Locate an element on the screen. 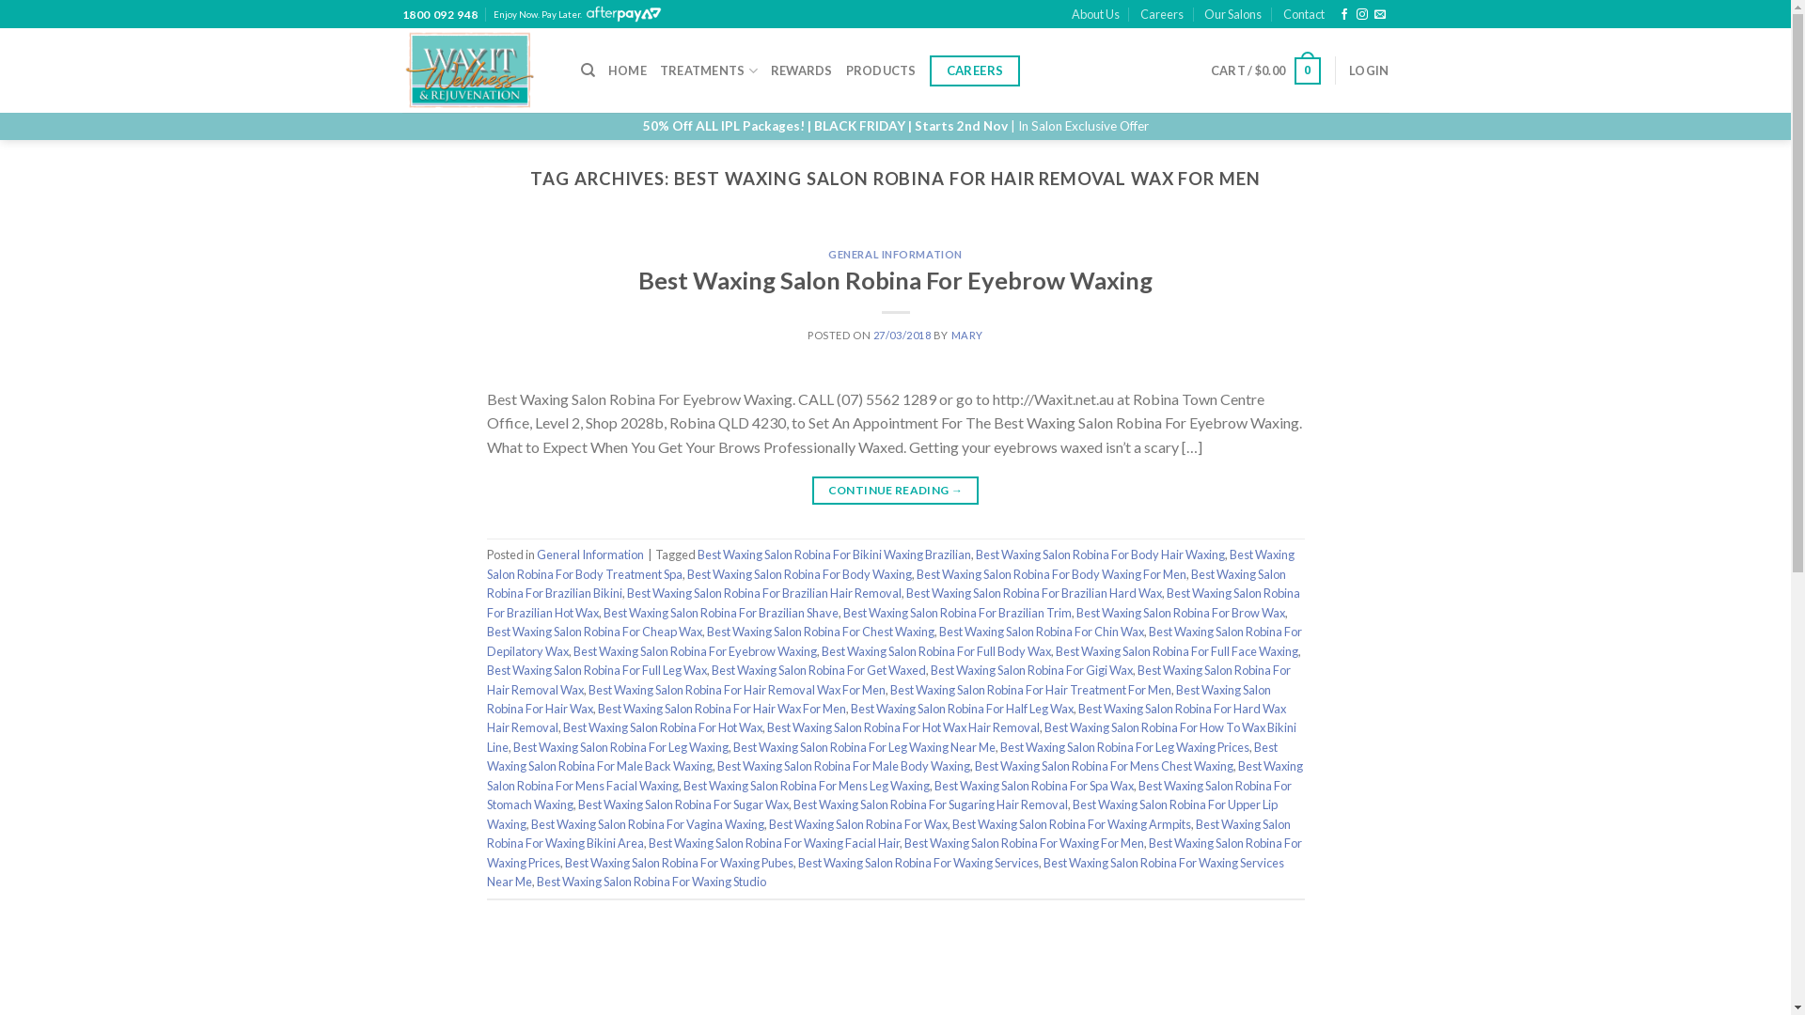  '1800 092 948' is located at coordinates (439, 14).